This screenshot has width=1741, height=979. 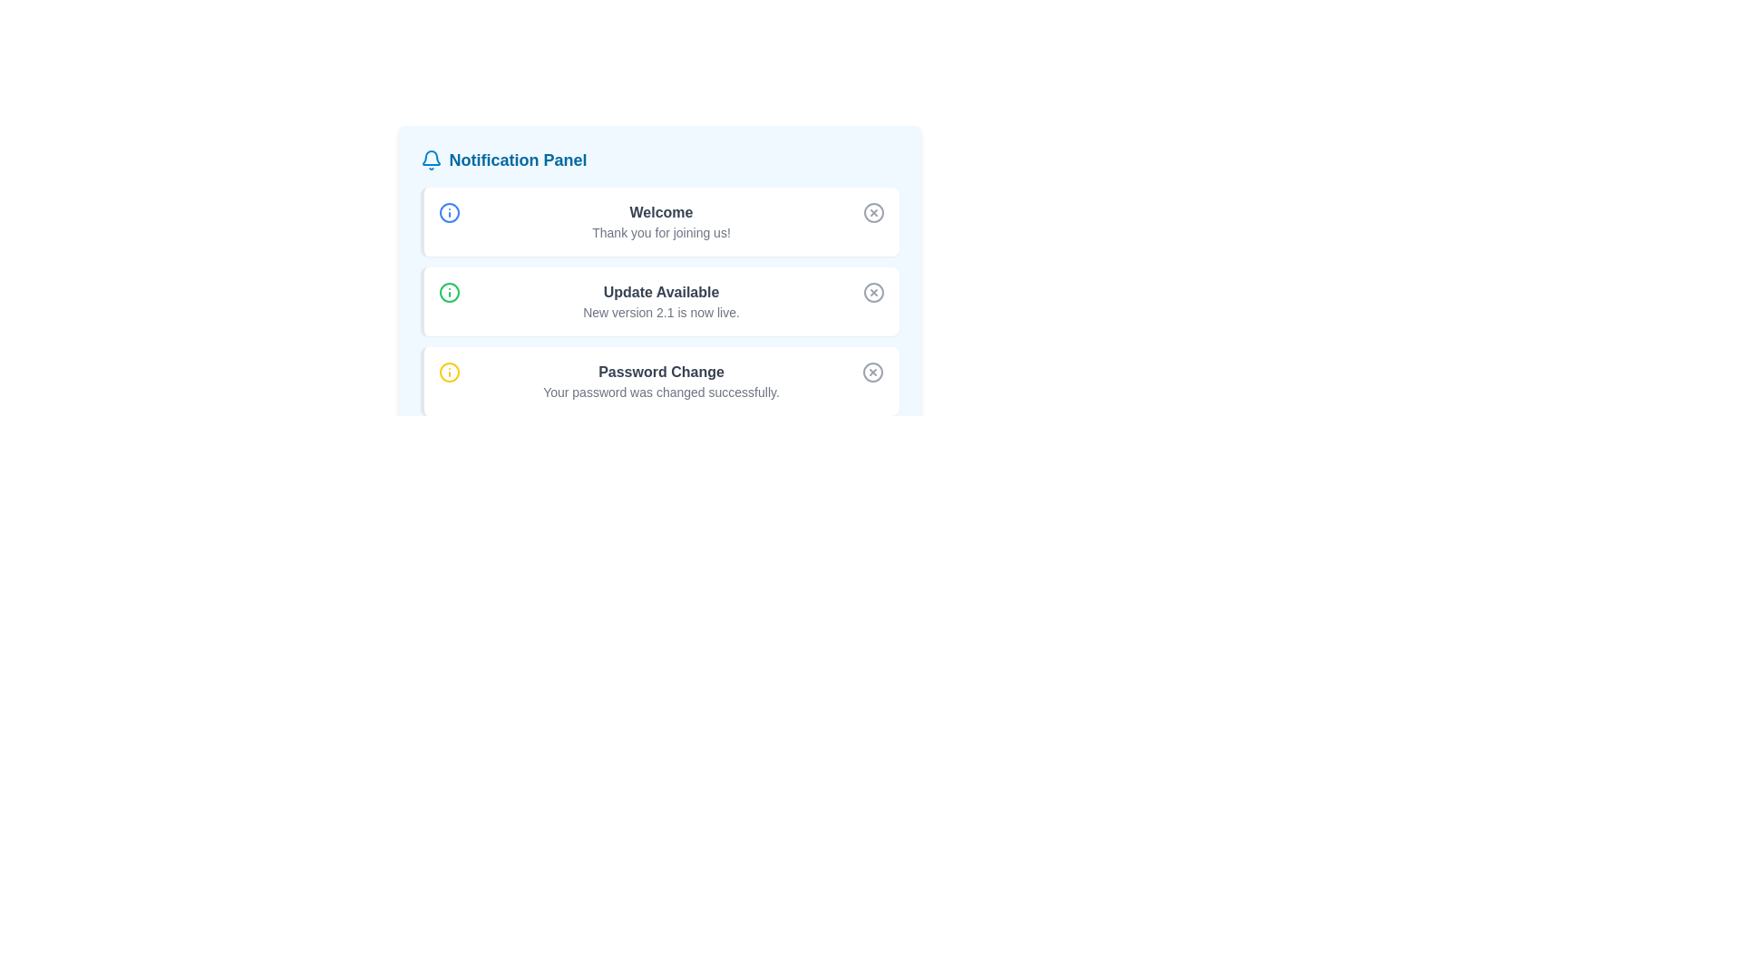 I want to click on the yellow circular graphical element that is part of the information icon in the third notification entry of the Notification Panel, so click(x=449, y=372).